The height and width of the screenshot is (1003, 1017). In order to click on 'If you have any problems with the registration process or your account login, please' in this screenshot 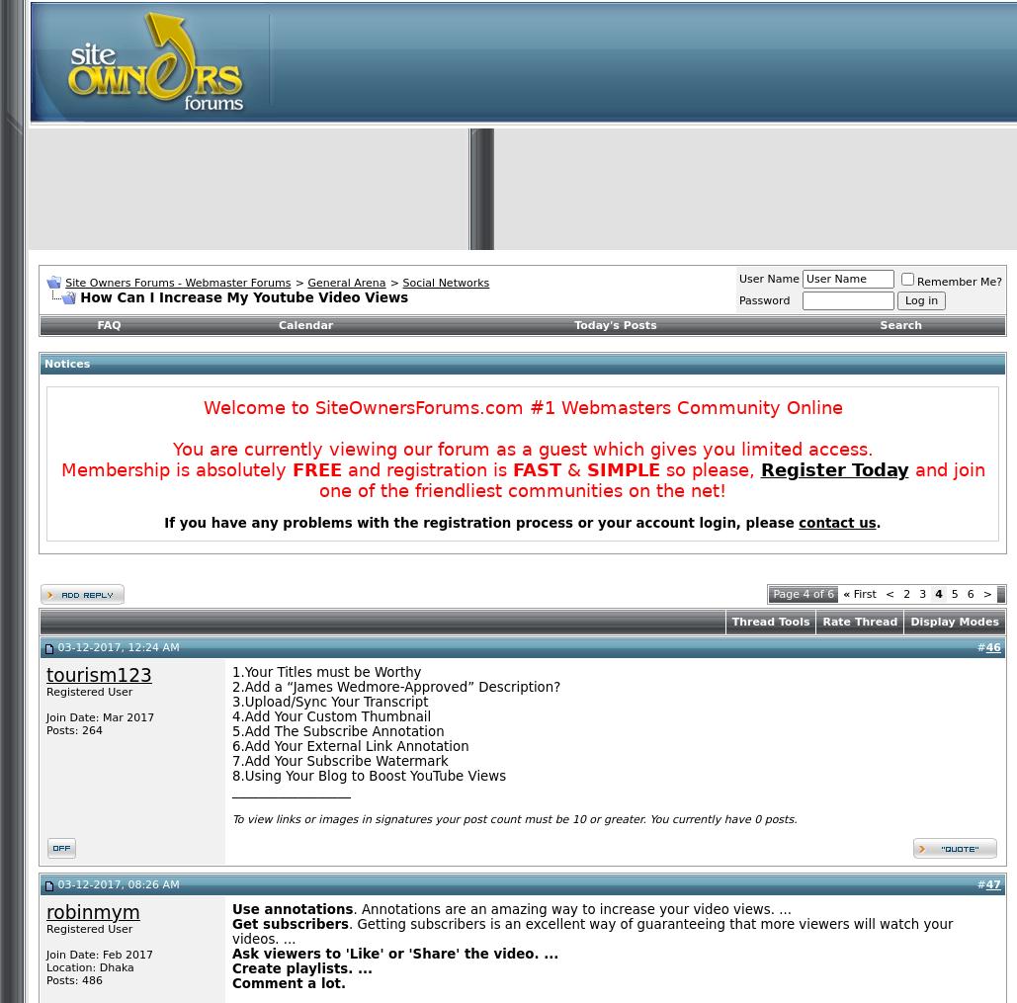, I will do `click(481, 523)`.